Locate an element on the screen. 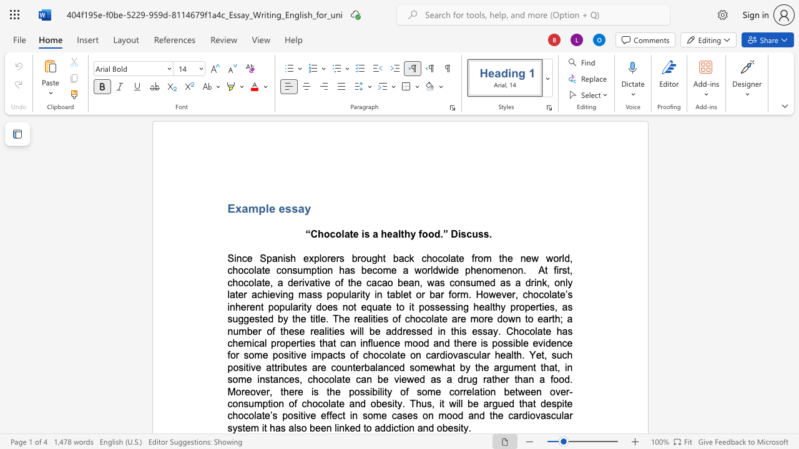 This screenshot has width=799, height=449. the space between the continuous character "l" and "t" in the text is located at coordinates (514, 355).